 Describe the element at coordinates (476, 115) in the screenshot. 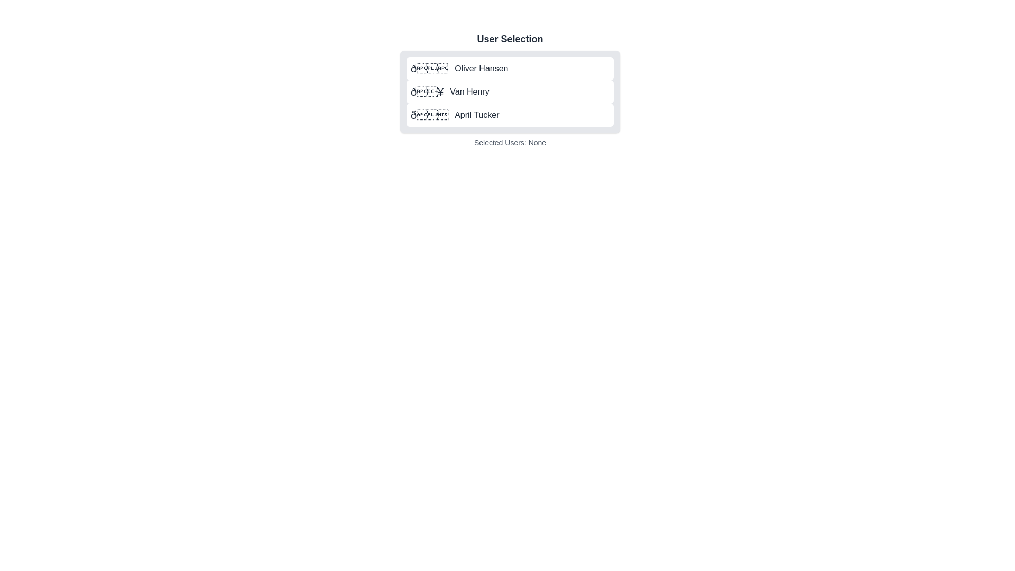

I see `the user 'April Tucker' from the user selection list by clicking on the text element located in the third list item, positioned slightly to the right of an emoji-like icon` at that location.